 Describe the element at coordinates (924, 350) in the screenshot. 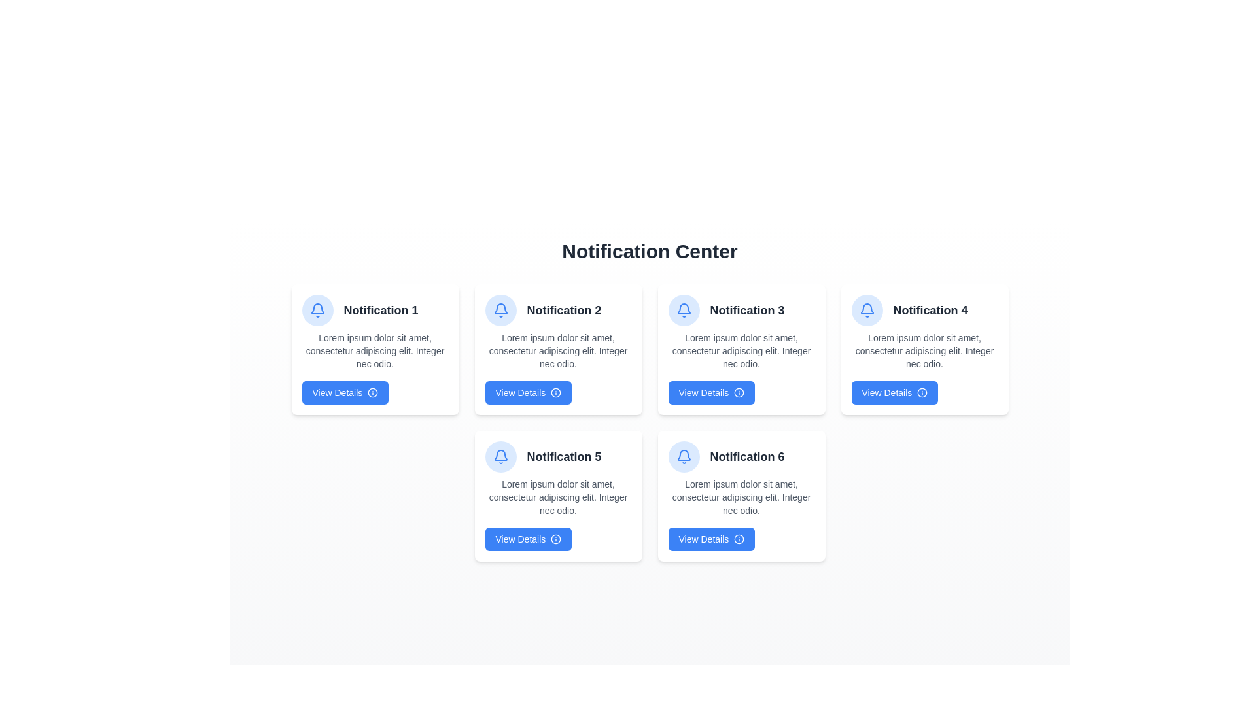

I see `the text block containing the message 'Lorem ipsum dolor sit amet, consectetur adipiscing elit. Integer nec odio.' which is positioned below 'Notification 4' and above the 'View Details' button` at that location.